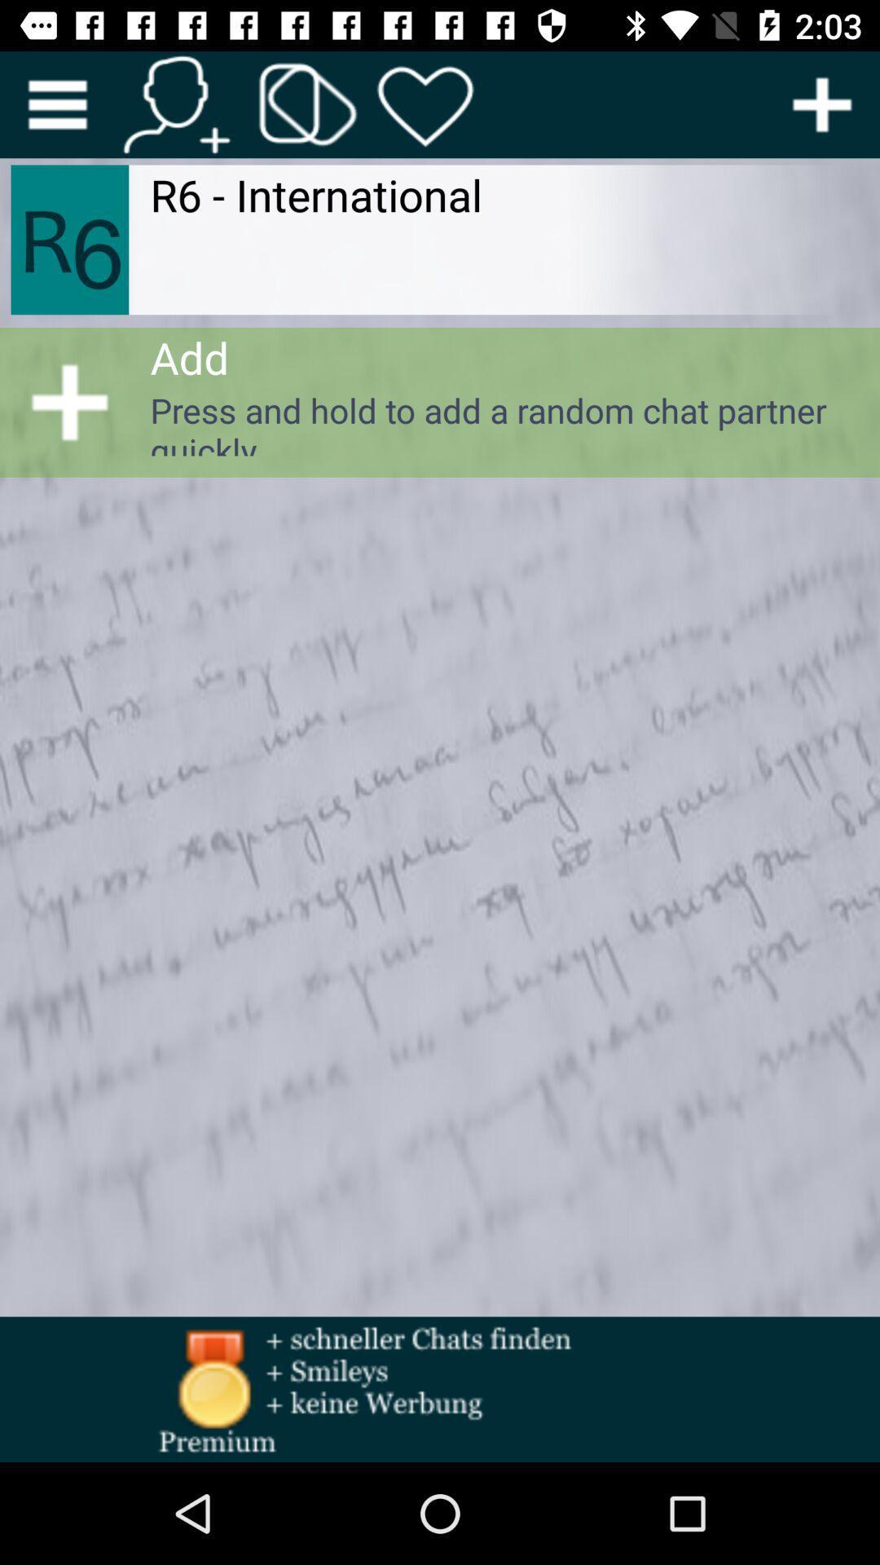  Describe the element at coordinates (425, 104) in the screenshot. I see `favourite button` at that location.